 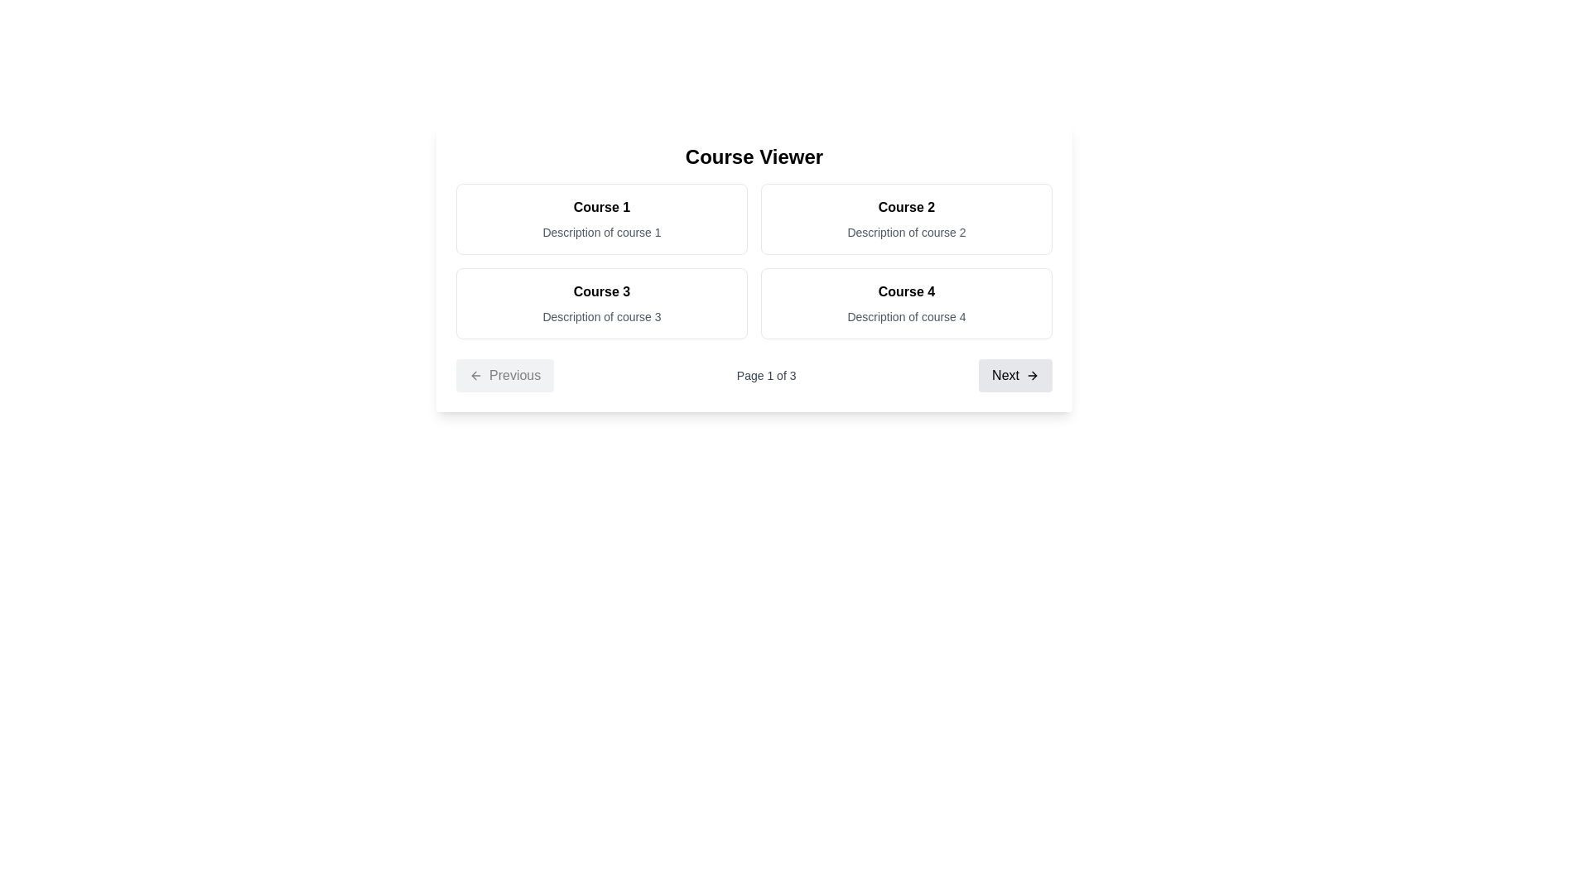 What do you see at coordinates (1033, 376) in the screenshot?
I see `the 'Next' button which includes a right arrow SVG graphic next to the text 'Next' located at the bottom right of the interface` at bounding box center [1033, 376].